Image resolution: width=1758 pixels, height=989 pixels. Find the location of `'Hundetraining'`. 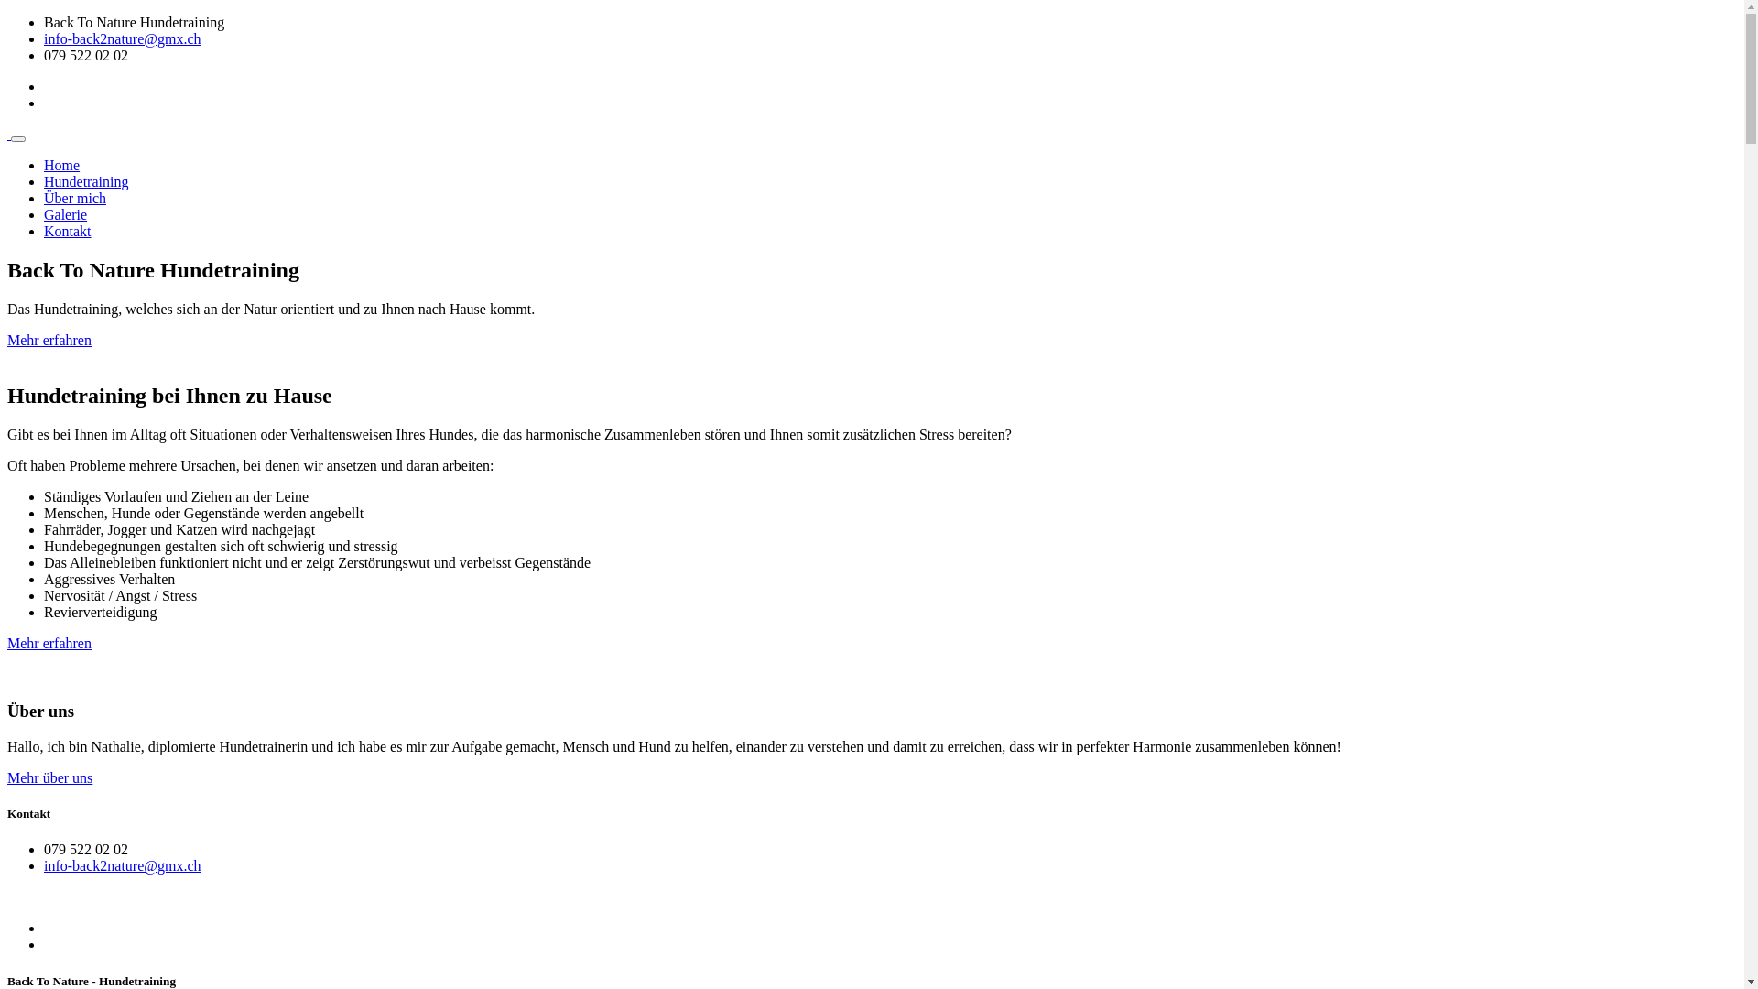

'Hundetraining' is located at coordinates (85, 181).